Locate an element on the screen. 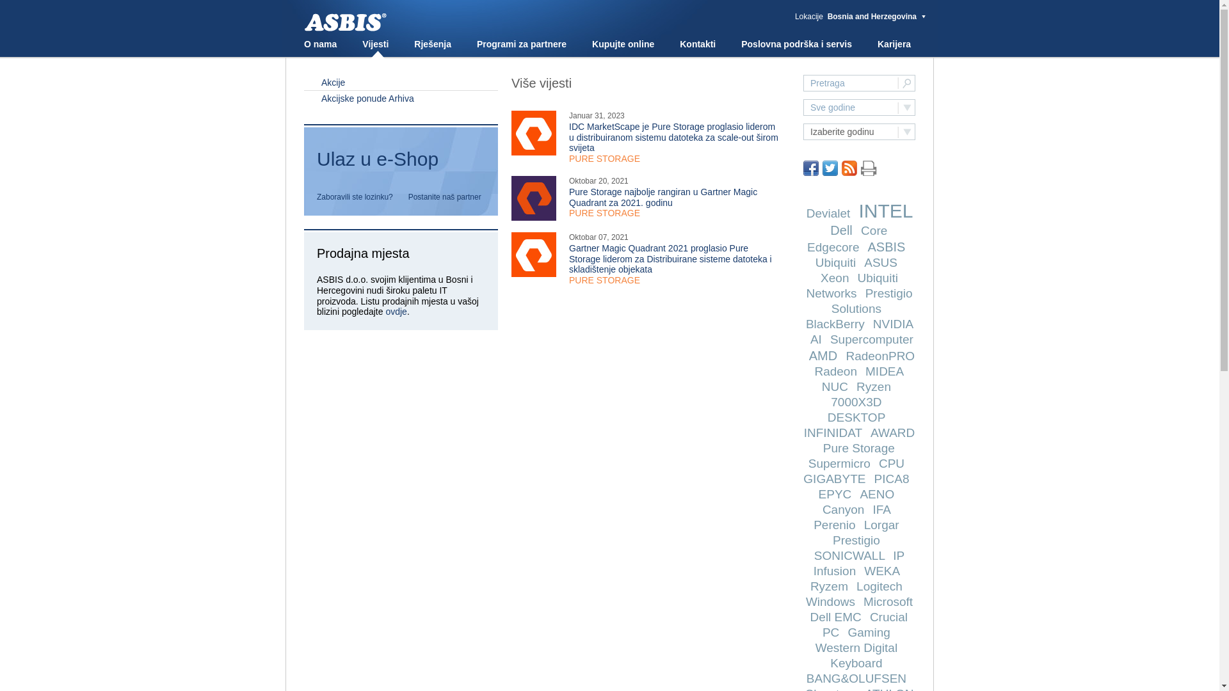 Image resolution: width=1229 pixels, height=691 pixels. 'BlackBerry' is located at coordinates (835, 323).